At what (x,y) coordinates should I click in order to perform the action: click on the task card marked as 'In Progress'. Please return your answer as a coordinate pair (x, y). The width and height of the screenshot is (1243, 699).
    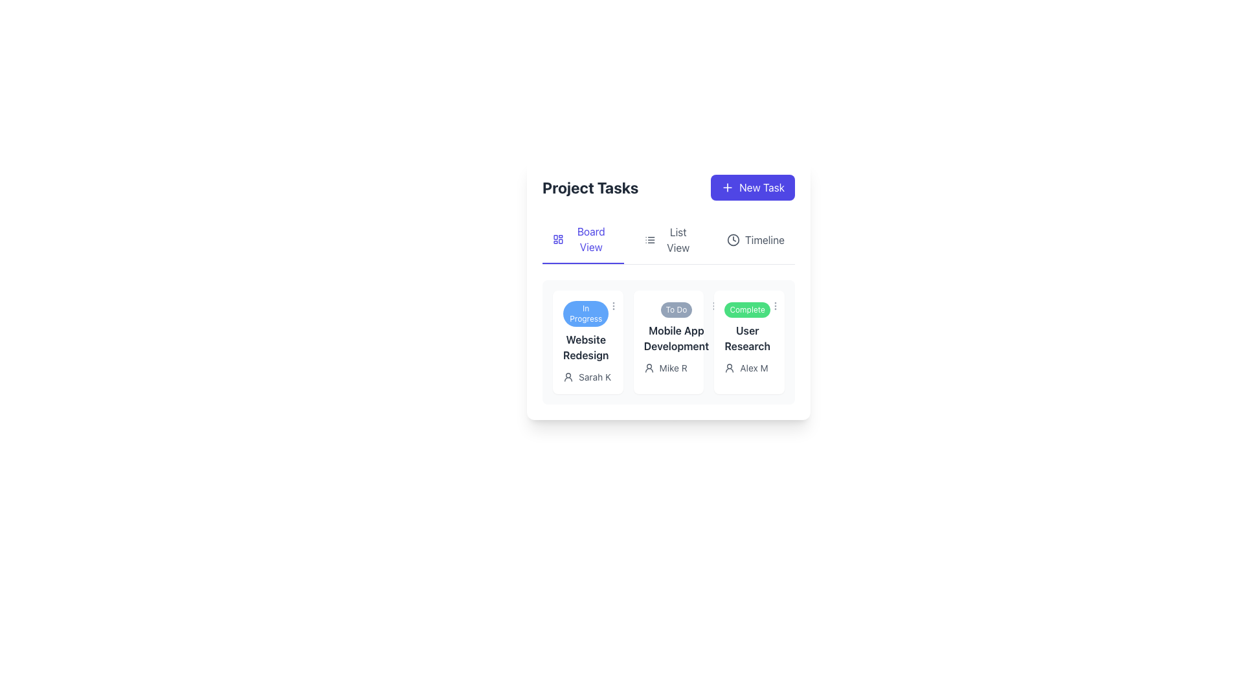
    Looking at the image, I should click on (587, 341).